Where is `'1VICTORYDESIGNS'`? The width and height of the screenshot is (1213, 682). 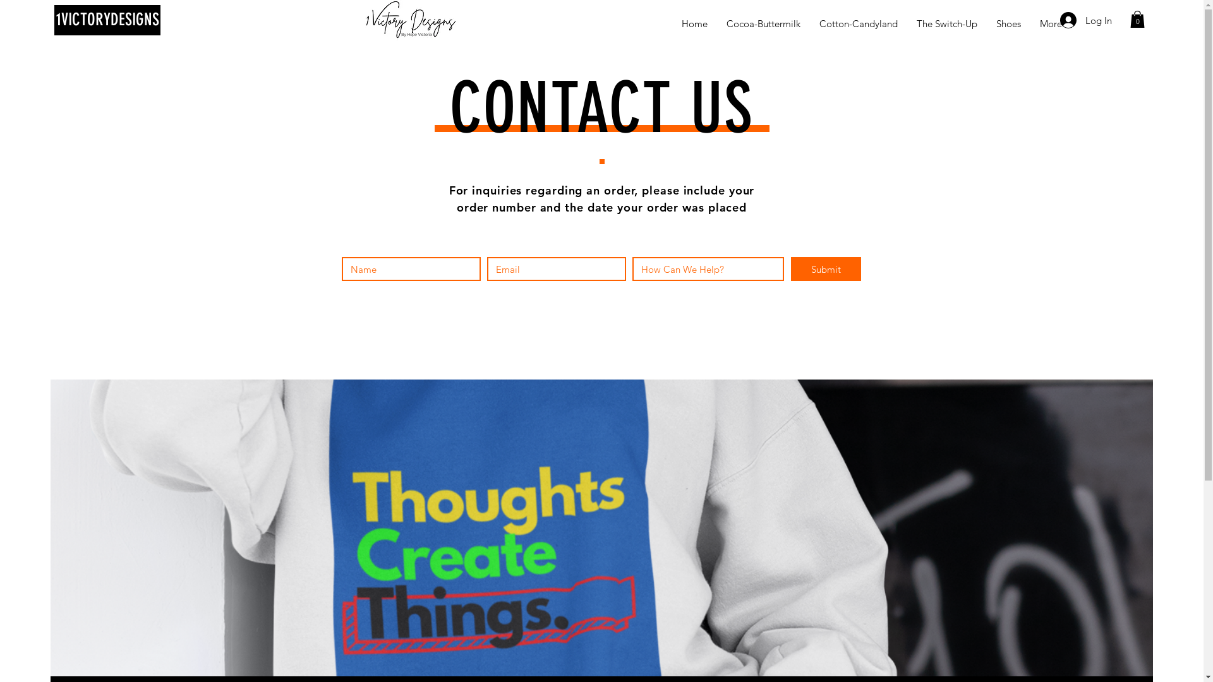
'1VICTORYDESIGNS' is located at coordinates (107, 20).